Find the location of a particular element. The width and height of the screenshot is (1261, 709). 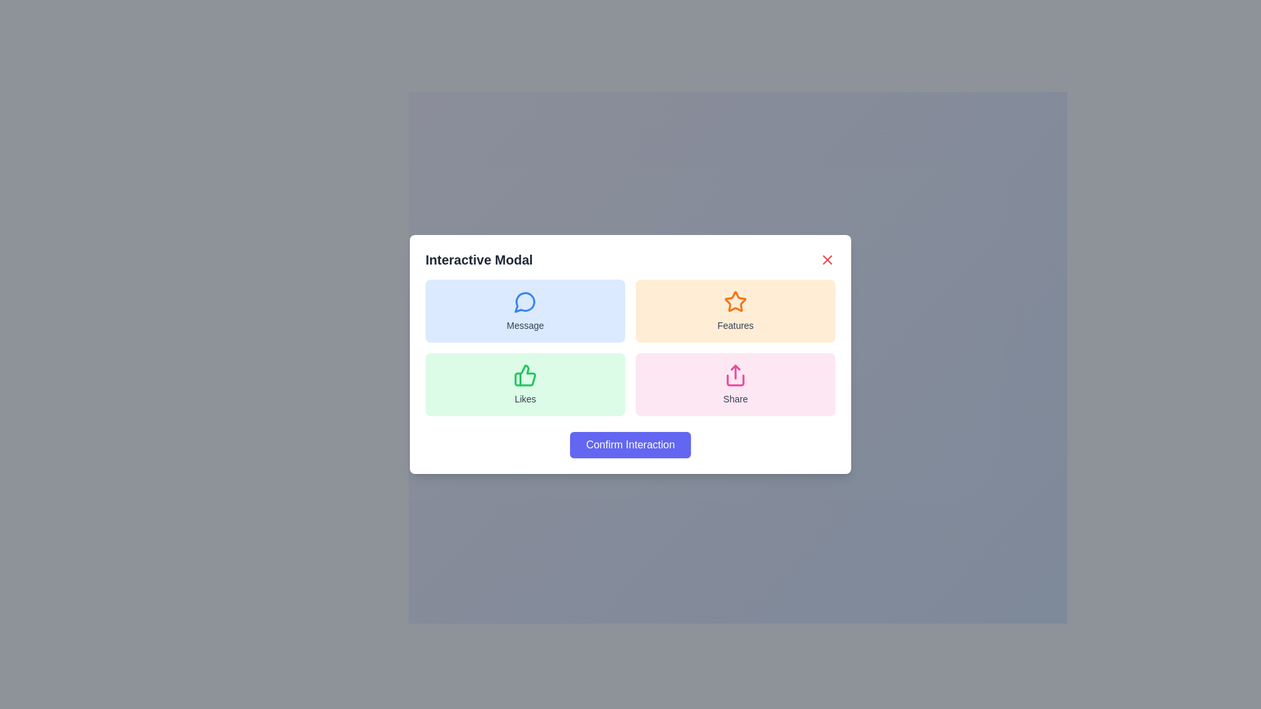

the 'Features' Card component located in the top-right of the grid layout is located at coordinates (734, 311).